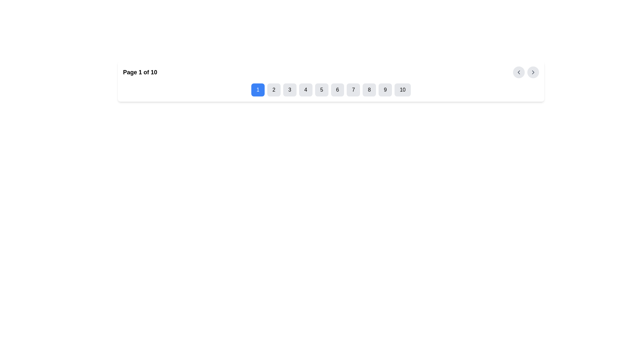  Describe the element at coordinates (353, 90) in the screenshot. I see `the button labeled '7', which is a rectangular button with a light gray background containing the number '7' in black text` at that location.